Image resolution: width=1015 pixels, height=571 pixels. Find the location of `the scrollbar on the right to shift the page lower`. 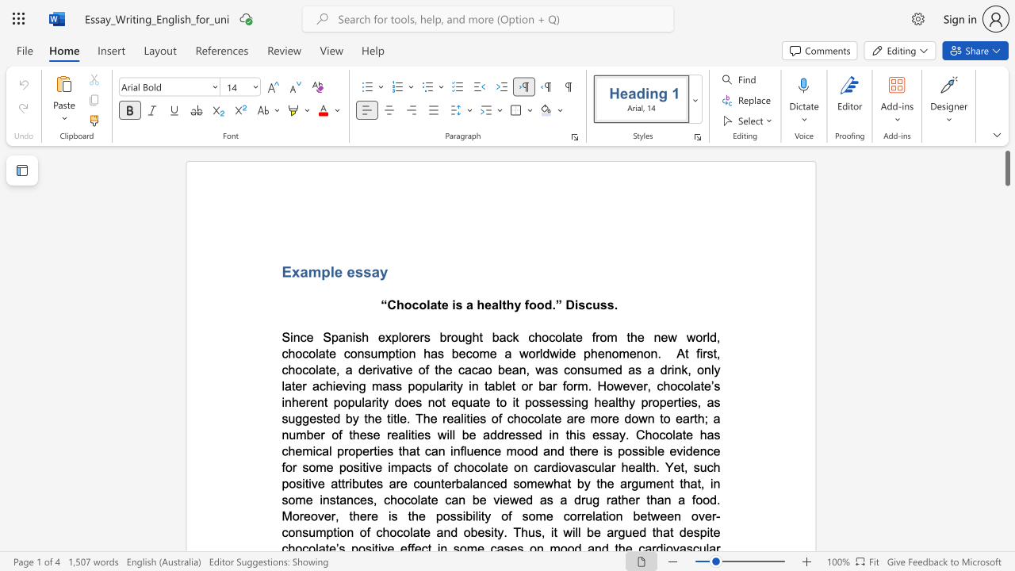

the scrollbar on the right to shift the page lower is located at coordinates (1006, 460).